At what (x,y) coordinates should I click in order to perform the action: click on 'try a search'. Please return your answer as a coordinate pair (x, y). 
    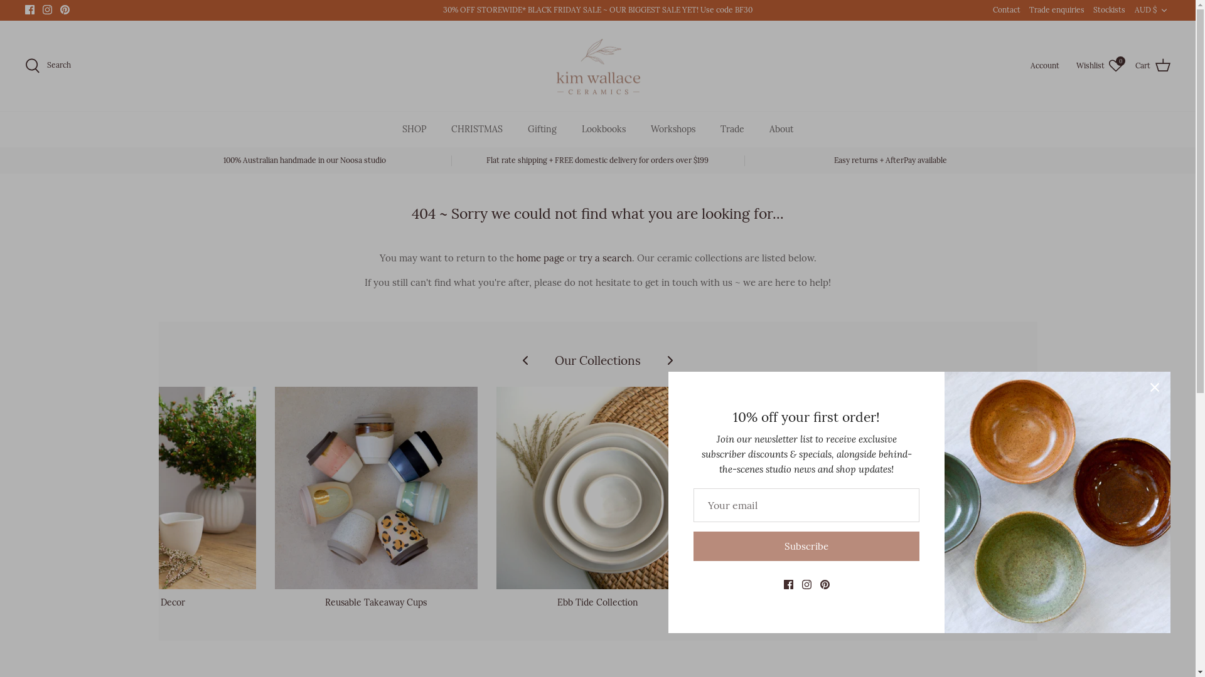
    Looking at the image, I should click on (605, 257).